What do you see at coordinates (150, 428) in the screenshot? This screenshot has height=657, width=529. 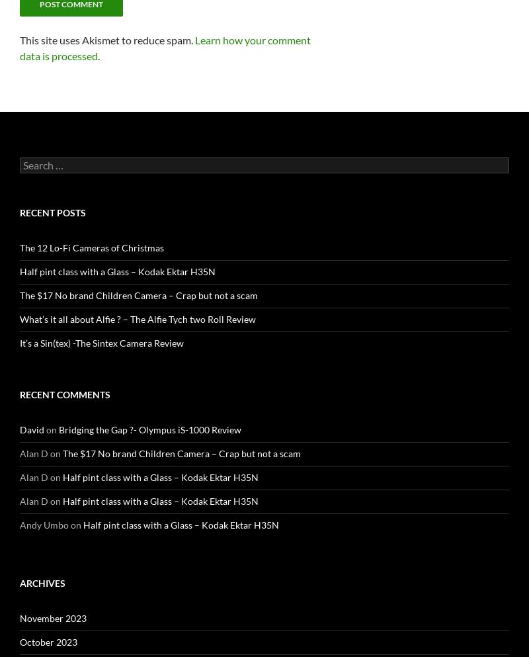 I see `'Bridging the Gap ?- Olympus iS-1000 Review'` at bounding box center [150, 428].